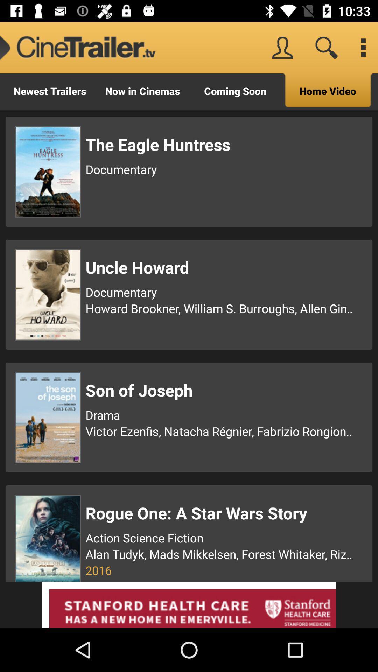 This screenshot has height=672, width=378. I want to click on click on options, so click(363, 47).